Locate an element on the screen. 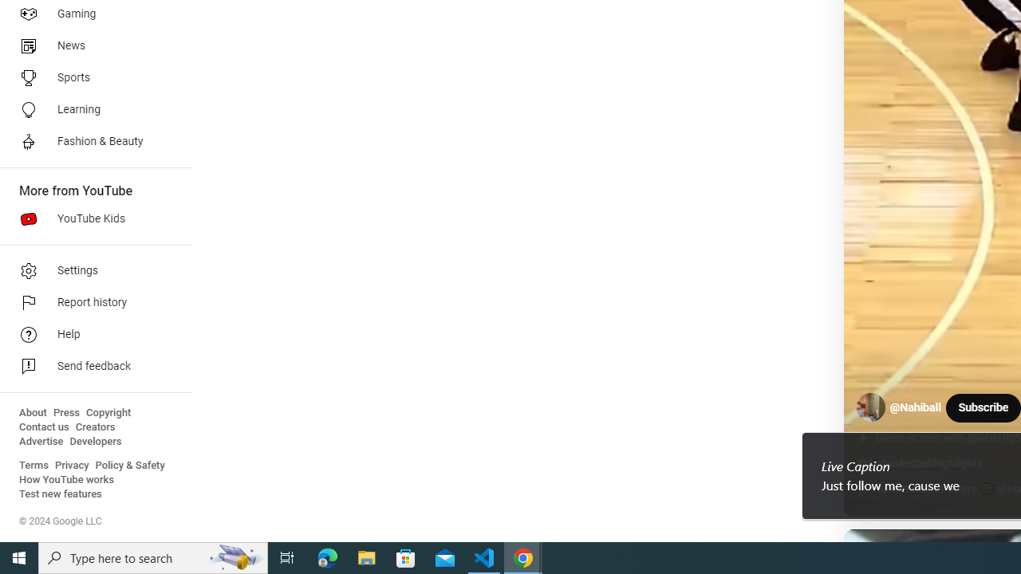 The width and height of the screenshot is (1021, 574). 'Fashion & Beauty' is located at coordinates (89, 140).